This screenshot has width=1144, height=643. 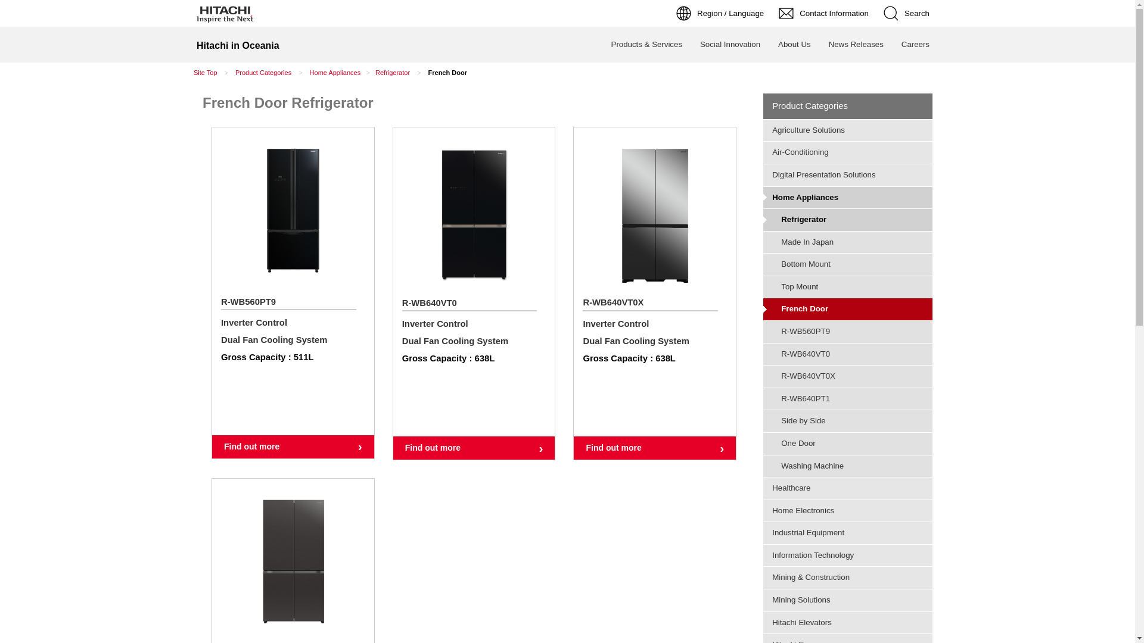 I want to click on 'One Door', so click(x=763, y=443).